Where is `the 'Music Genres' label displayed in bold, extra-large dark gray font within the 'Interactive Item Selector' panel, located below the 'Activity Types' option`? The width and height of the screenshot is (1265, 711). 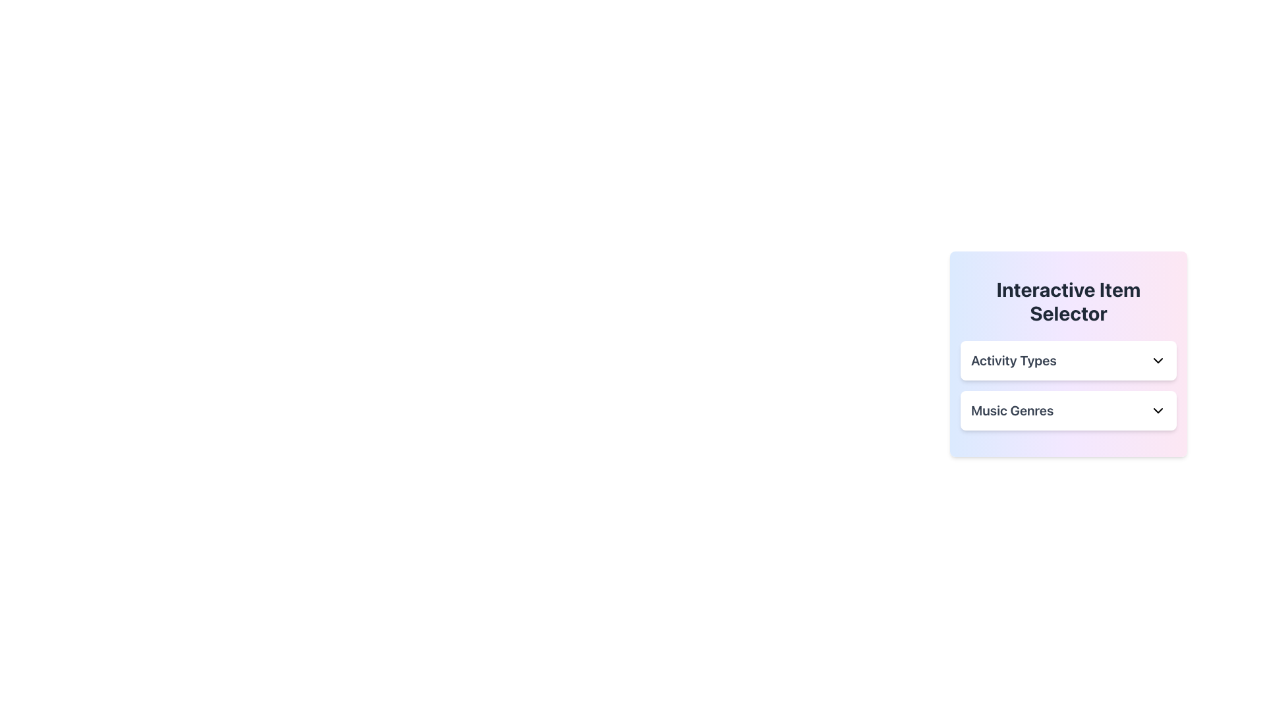 the 'Music Genres' label displayed in bold, extra-large dark gray font within the 'Interactive Item Selector' panel, located below the 'Activity Types' option is located at coordinates (1011, 410).